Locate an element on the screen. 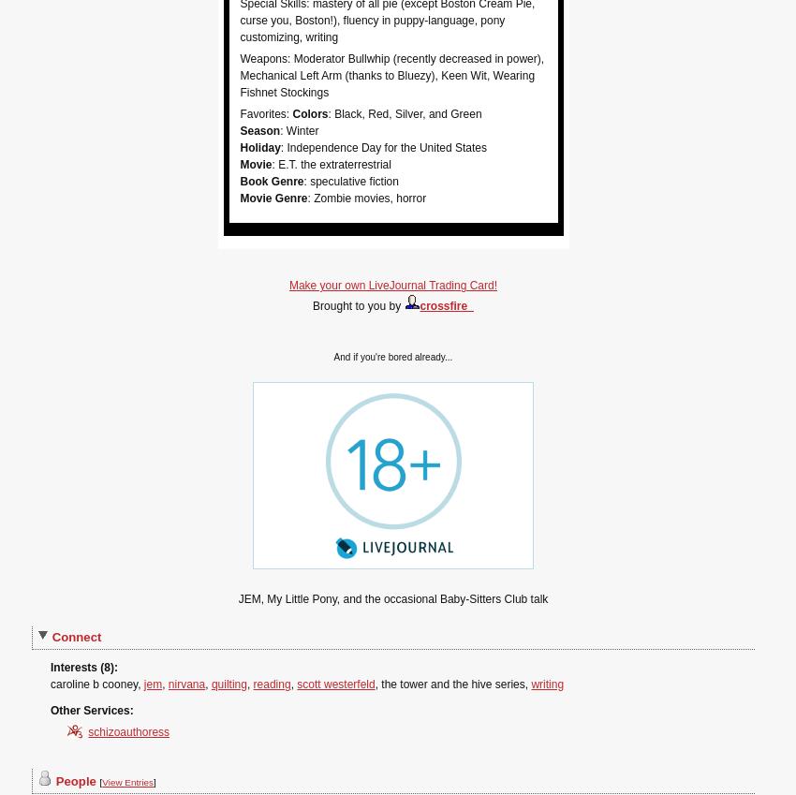 Image resolution: width=796 pixels, height=795 pixels. 'Weapons:' is located at coordinates (265, 58).